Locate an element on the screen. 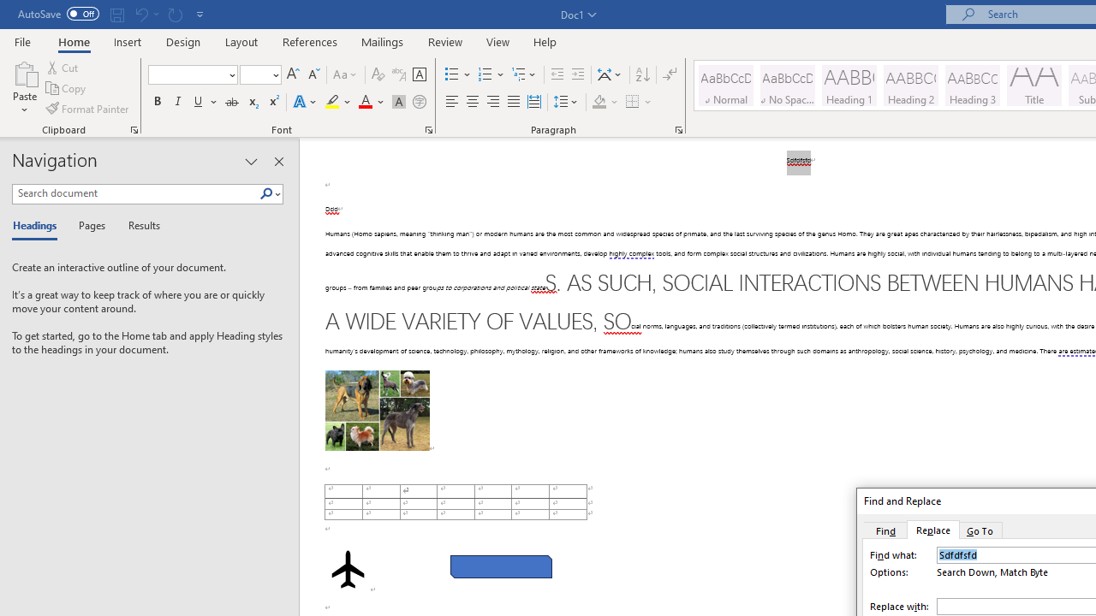 This screenshot has width=1096, height=616. 'Copy' is located at coordinates (67, 88).